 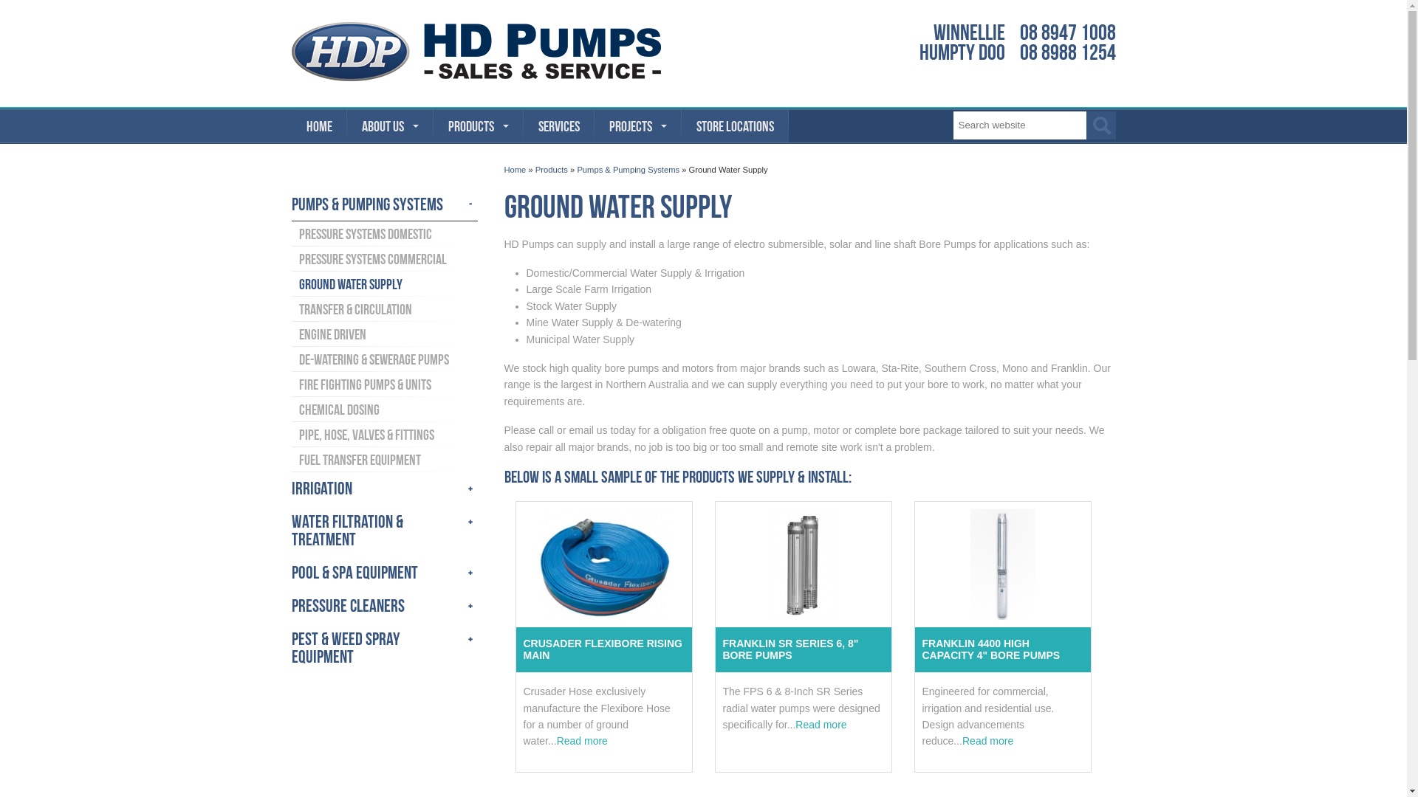 What do you see at coordinates (390, 125) in the screenshot?
I see `'ABOUT US'` at bounding box center [390, 125].